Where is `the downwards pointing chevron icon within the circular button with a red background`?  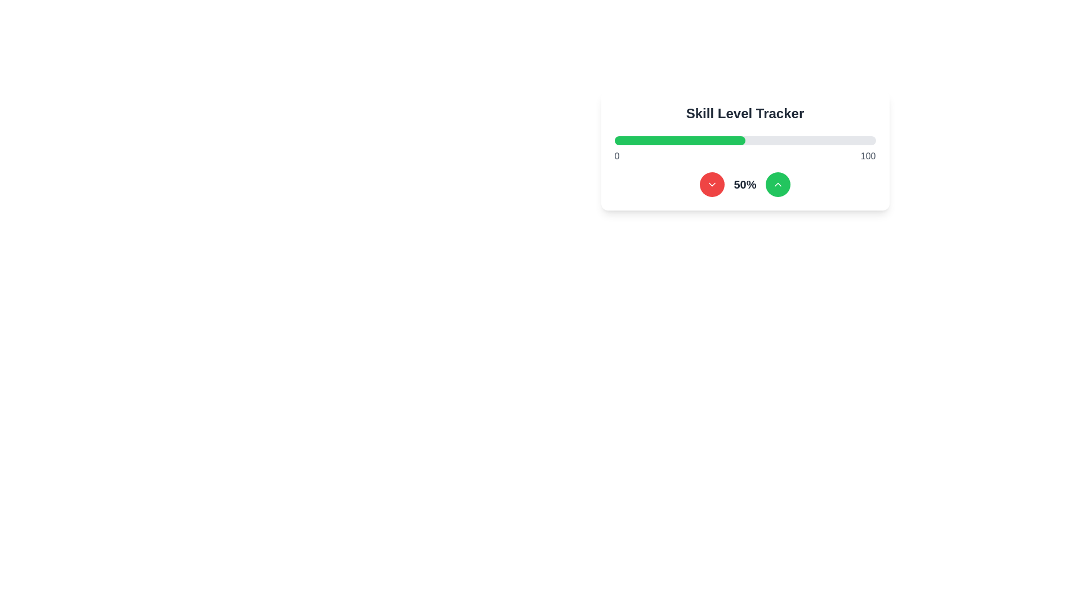 the downwards pointing chevron icon within the circular button with a red background is located at coordinates (712, 184).